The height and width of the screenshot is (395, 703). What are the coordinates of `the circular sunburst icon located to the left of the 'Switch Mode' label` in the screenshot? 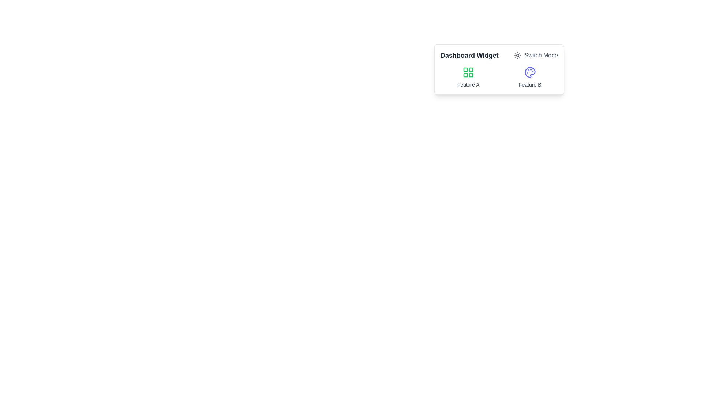 It's located at (517, 55).